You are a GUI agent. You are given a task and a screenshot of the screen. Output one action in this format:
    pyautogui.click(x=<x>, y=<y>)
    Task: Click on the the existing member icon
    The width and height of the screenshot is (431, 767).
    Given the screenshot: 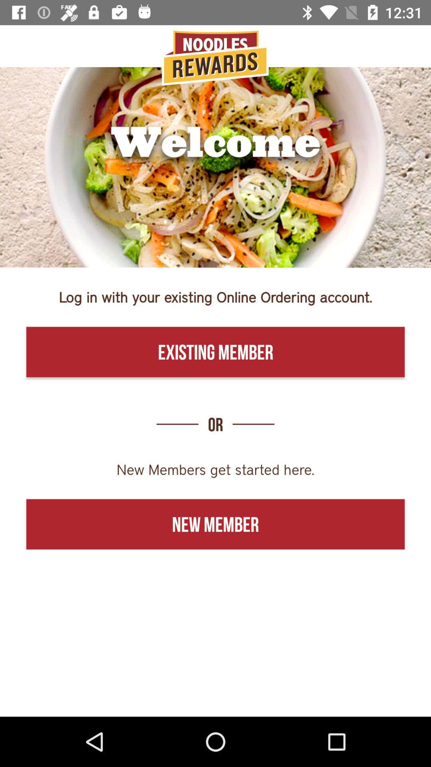 What is the action you would take?
    pyautogui.click(x=215, y=352)
    